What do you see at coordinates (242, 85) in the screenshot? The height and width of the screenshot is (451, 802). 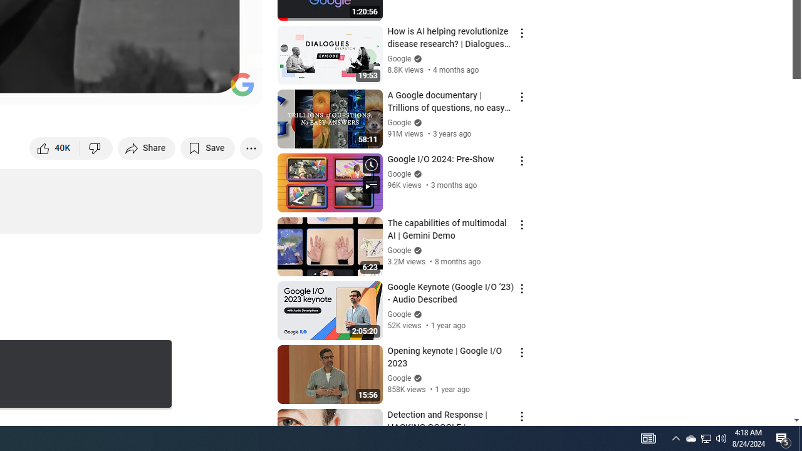 I see `'Channel watermark'` at bounding box center [242, 85].